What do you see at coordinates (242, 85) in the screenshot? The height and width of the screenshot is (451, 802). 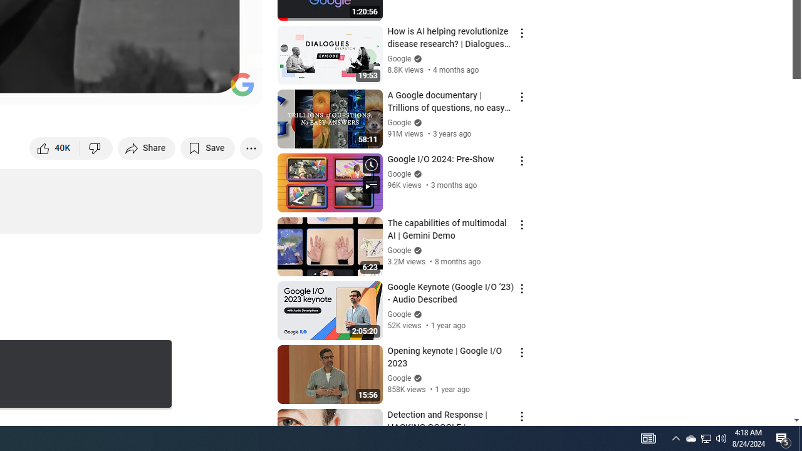 I see `'Channel watermark'` at bounding box center [242, 85].